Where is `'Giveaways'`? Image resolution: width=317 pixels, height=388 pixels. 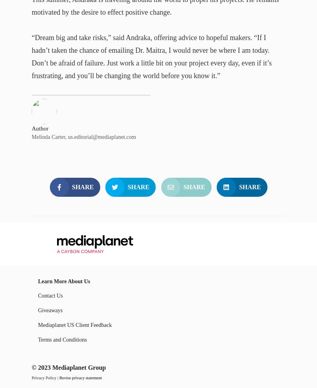 'Giveaways' is located at coordinates (50, 309).